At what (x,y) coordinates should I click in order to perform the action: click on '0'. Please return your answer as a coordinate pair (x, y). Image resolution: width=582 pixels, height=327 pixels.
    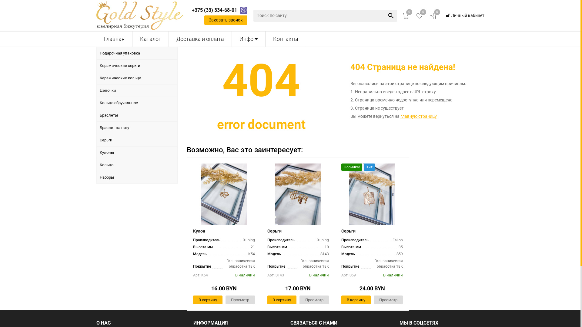
    Looking at the image, I should click on (433, 15).